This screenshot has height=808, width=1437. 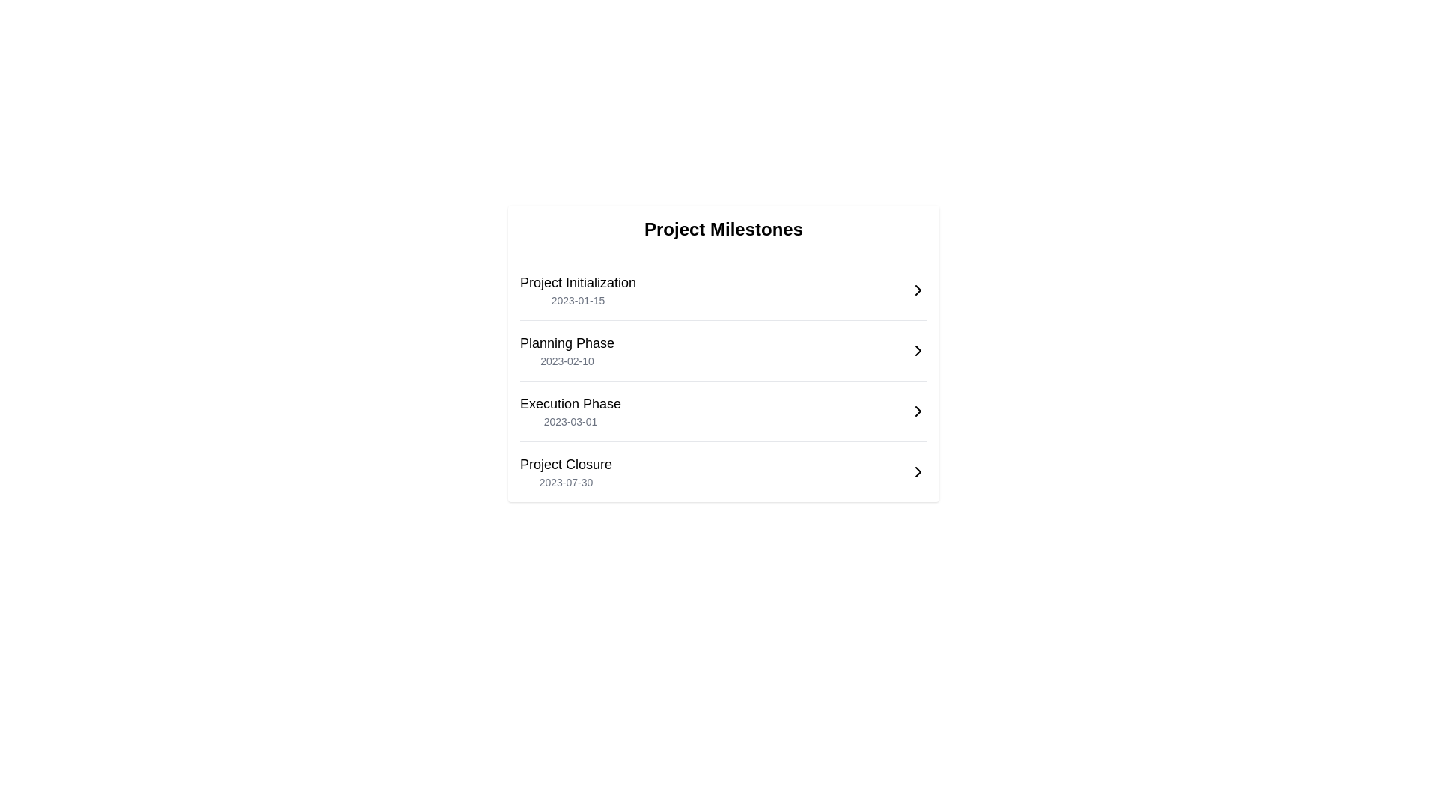 I want to click on the navigational icon located at the far right of the 'Execution Phase' row in the project milestones list, so click(x=918, y=411).